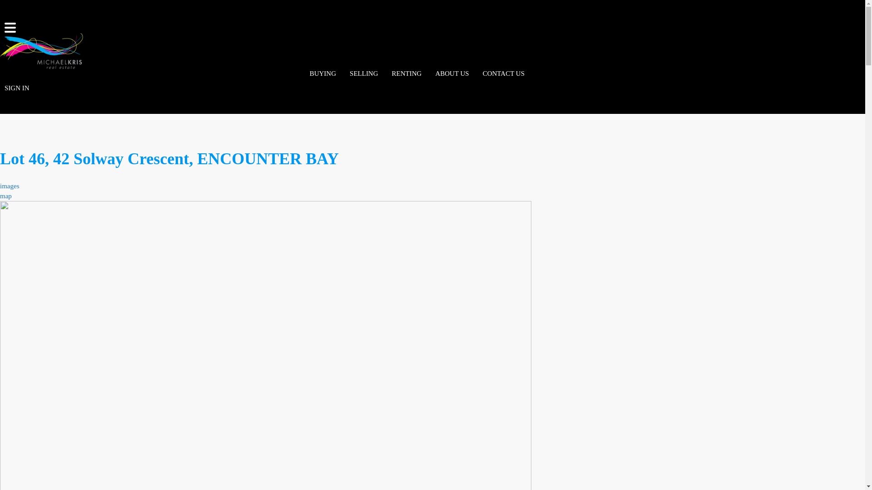 This screenshot has height=490, width=872. Describe the element at coordinates (451, 73) in the screenshot. I see `'ABOUT US'` at that location.